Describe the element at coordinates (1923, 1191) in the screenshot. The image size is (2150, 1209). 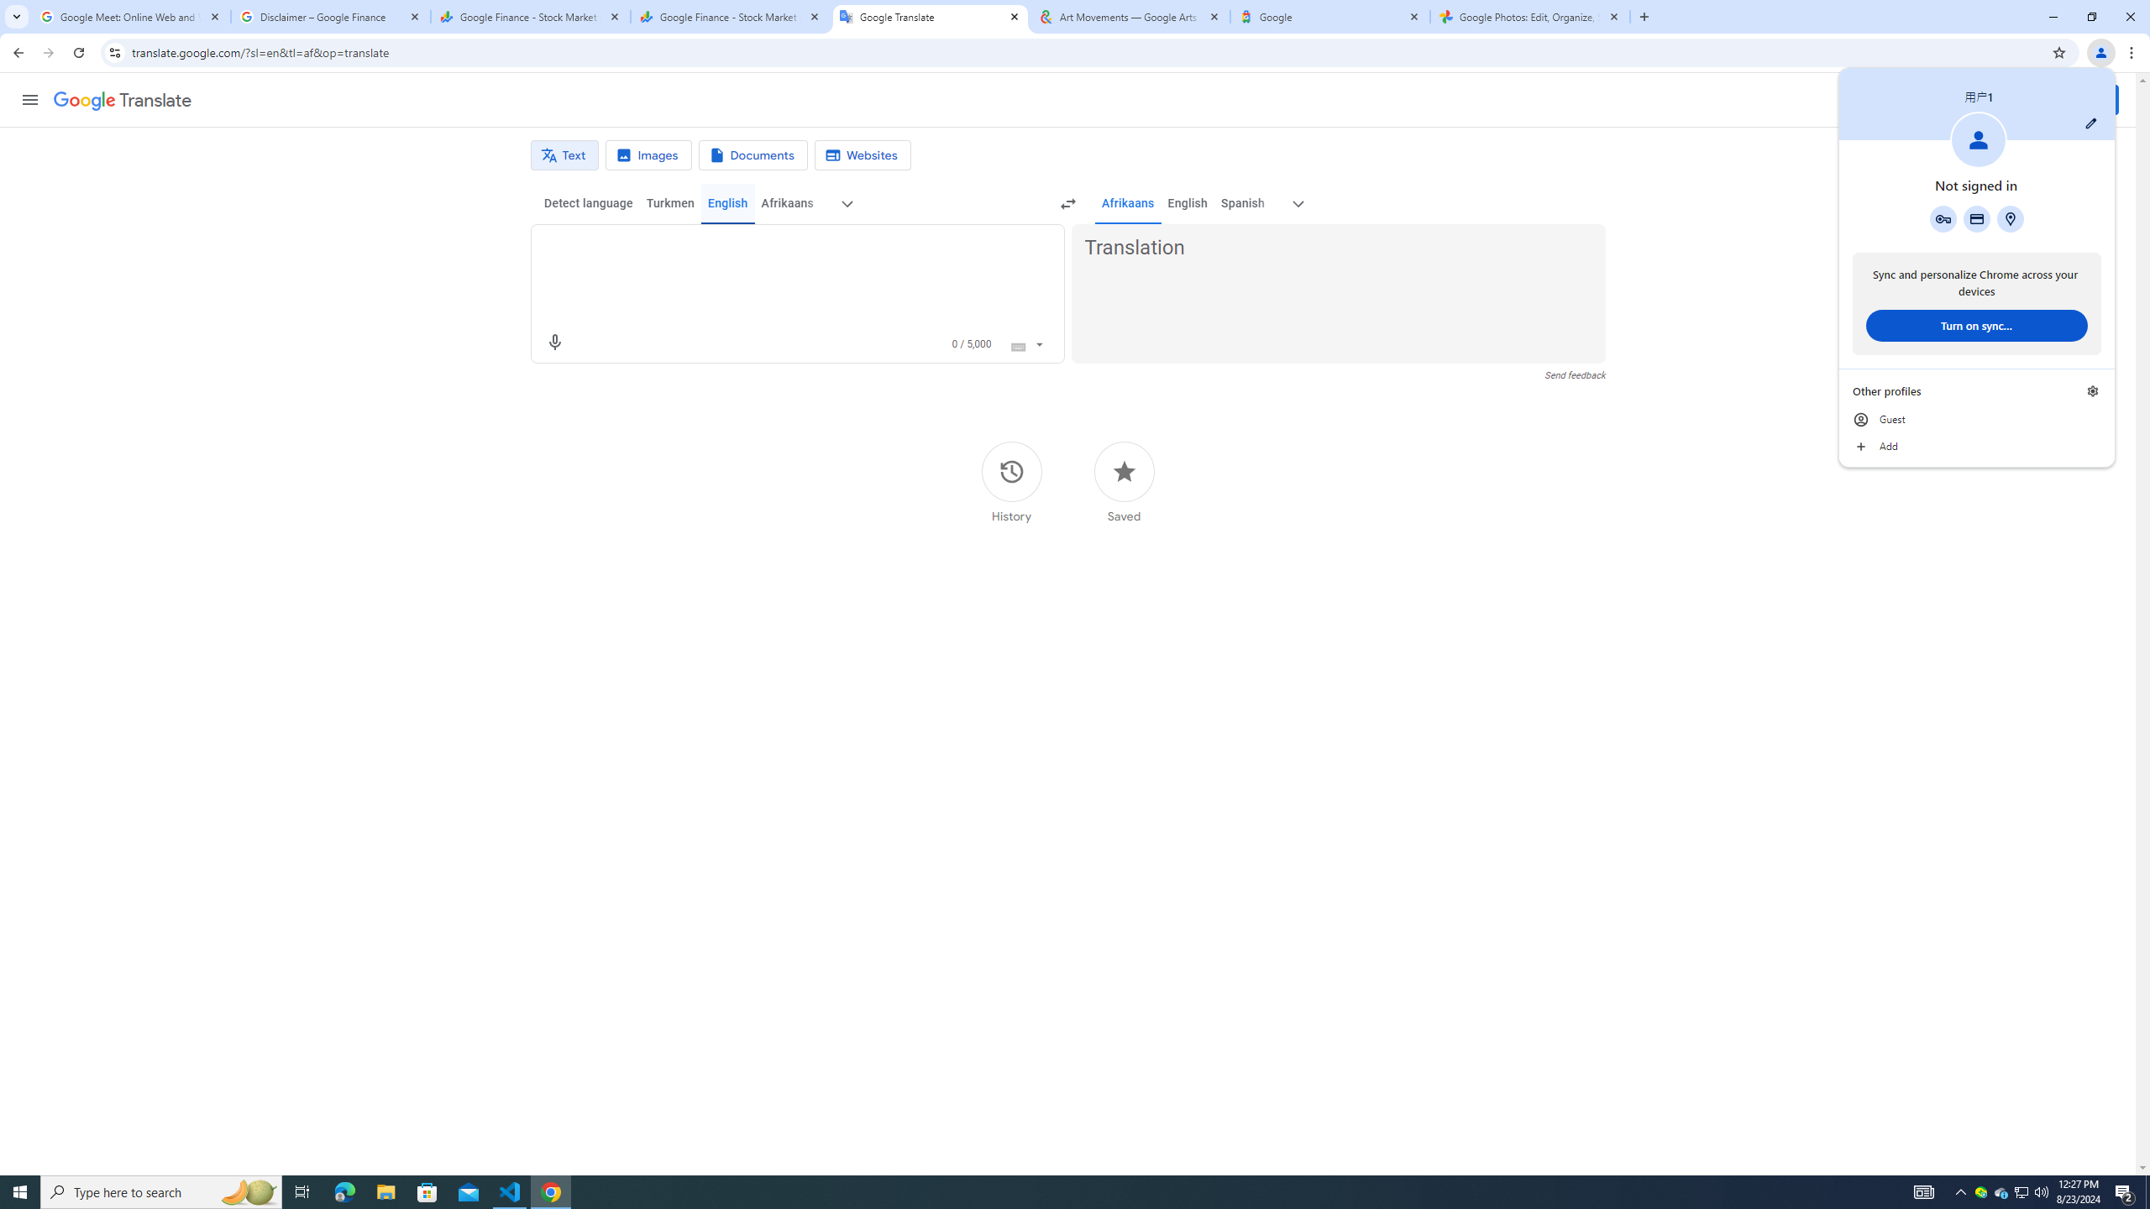
I see `'AutomationID: 4105'` at that location.